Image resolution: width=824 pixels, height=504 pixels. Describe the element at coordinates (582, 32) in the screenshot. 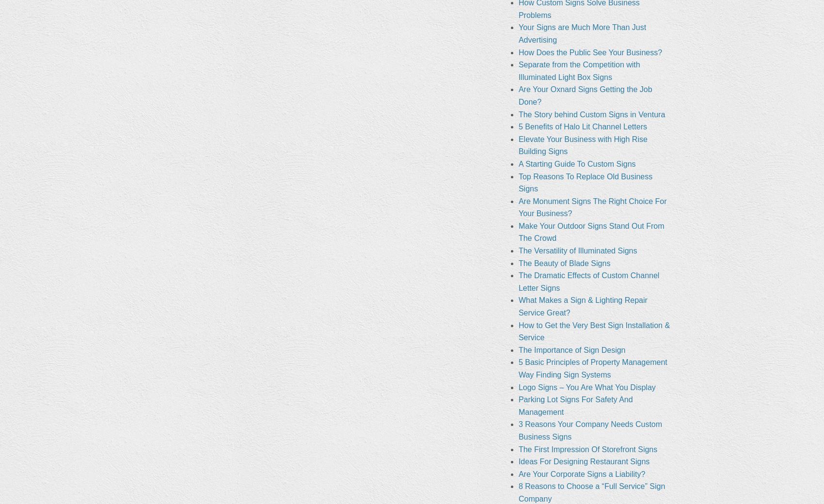

I see `'Your Signs are Much More Than Just Advertising'` at that location.